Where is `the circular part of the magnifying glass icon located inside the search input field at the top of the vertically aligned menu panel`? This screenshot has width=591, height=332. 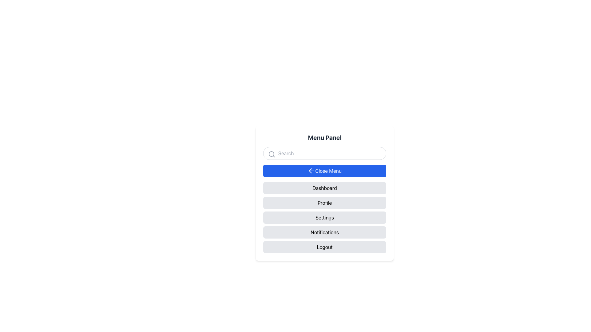
the circular part of the magnifying glass icon located inside the search input field at the top of the vertically aligned menu panel is located at coordinates (271, 154).